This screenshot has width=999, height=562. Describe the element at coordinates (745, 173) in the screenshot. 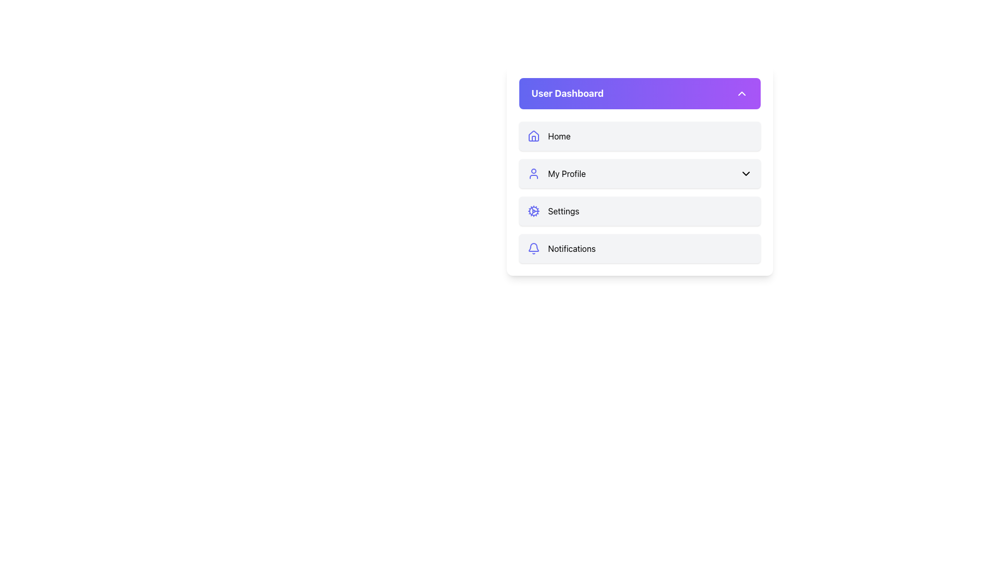

I see `the downwards chevron icon located to the far-right of the 'My Profile' text` at that location.